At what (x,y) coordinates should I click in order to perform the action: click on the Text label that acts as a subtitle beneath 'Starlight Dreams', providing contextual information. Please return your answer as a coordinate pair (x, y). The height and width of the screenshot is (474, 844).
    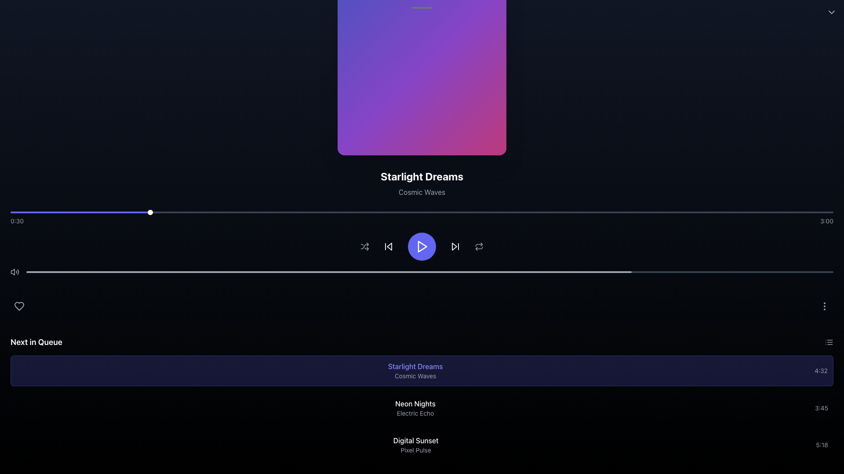
    Looking at the image, I should click on (422, 192).